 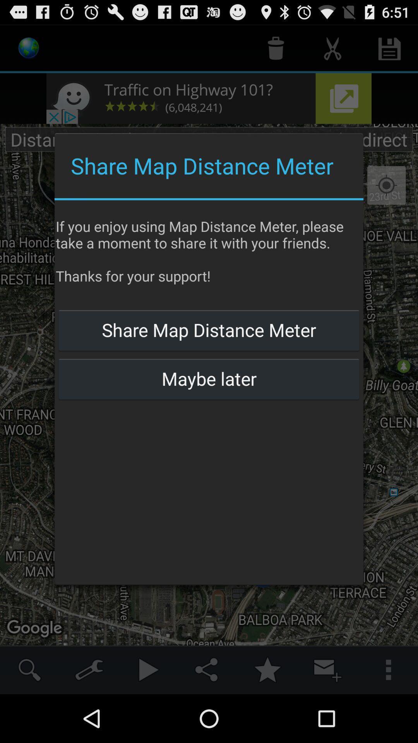 What do you see at coordinates (209, 378) in the screenshot?
I see `the maybe later item` at bounding box center [209, 378].